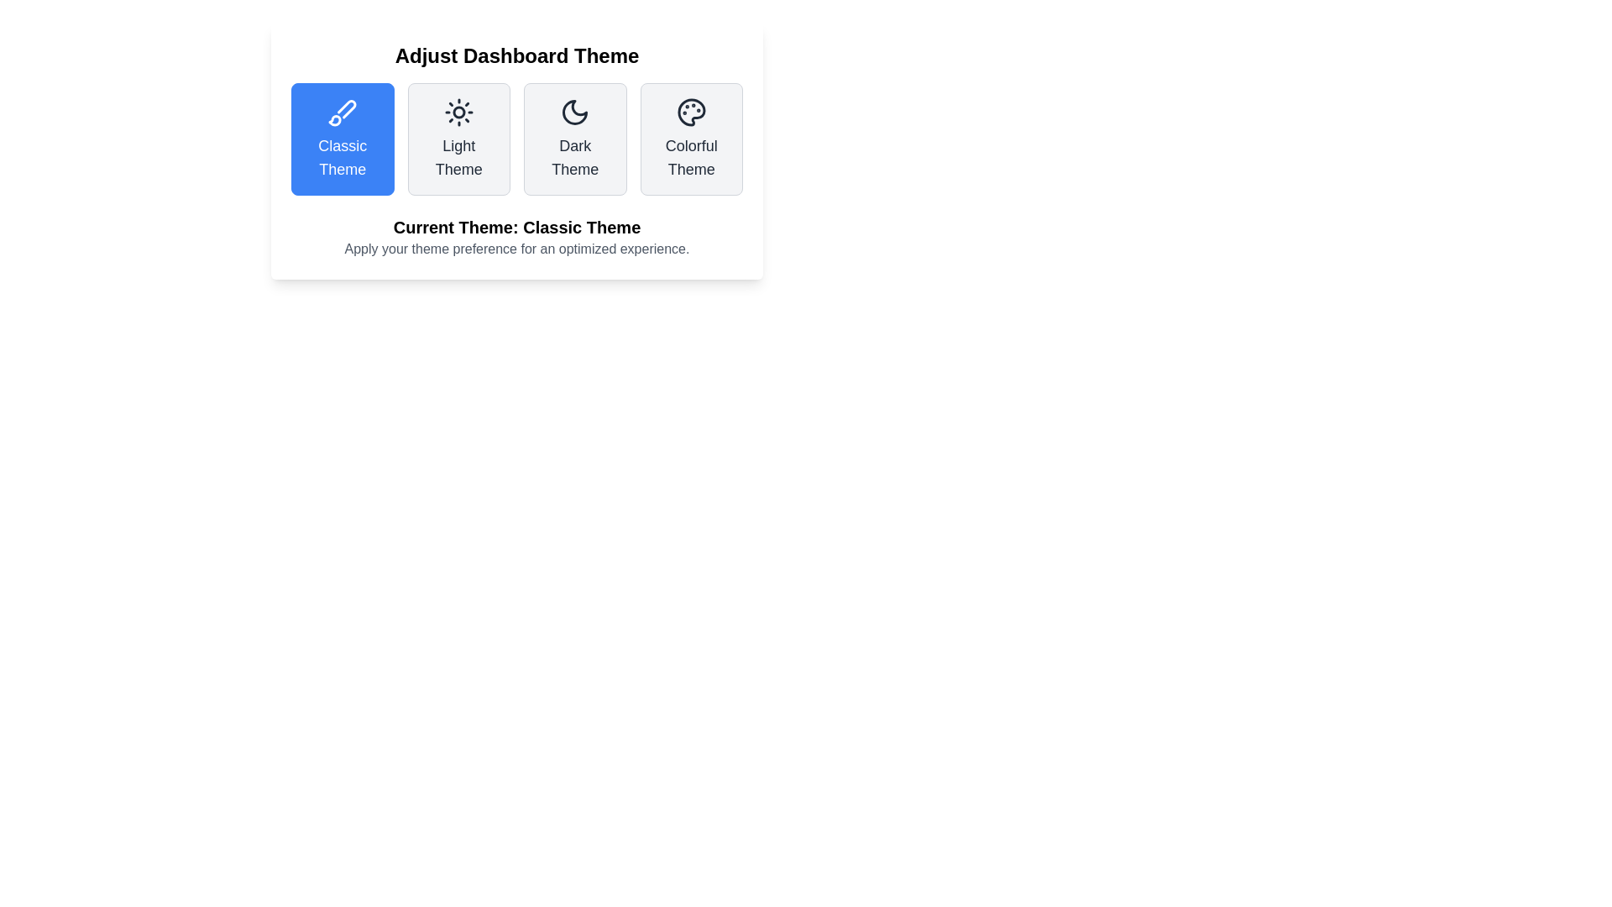 The image size is (1612, 907). Describe the element at coordinates (458, 158) in the screenshot. I see `the 'Light Theme' text label, which indicates the theme selection option in the user interface` at that location.